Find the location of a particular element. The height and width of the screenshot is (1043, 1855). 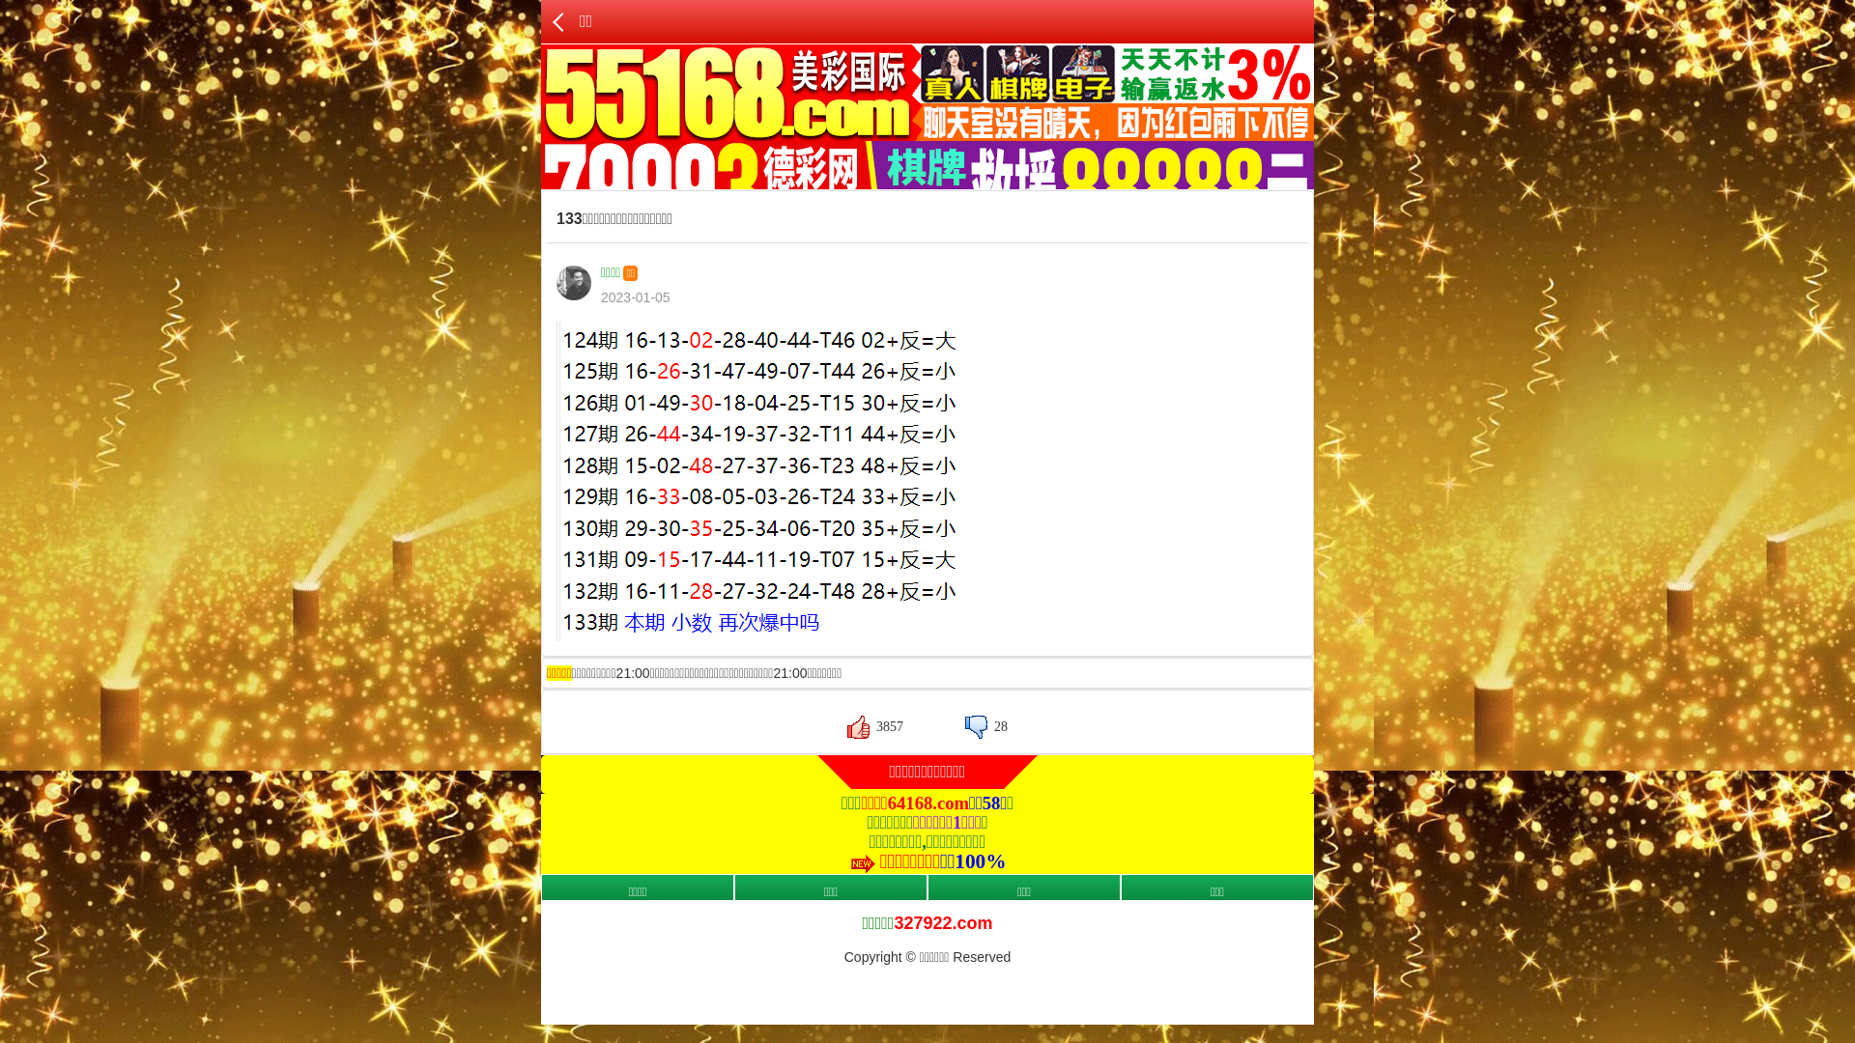

'28' is located at coordinates (986, 726).